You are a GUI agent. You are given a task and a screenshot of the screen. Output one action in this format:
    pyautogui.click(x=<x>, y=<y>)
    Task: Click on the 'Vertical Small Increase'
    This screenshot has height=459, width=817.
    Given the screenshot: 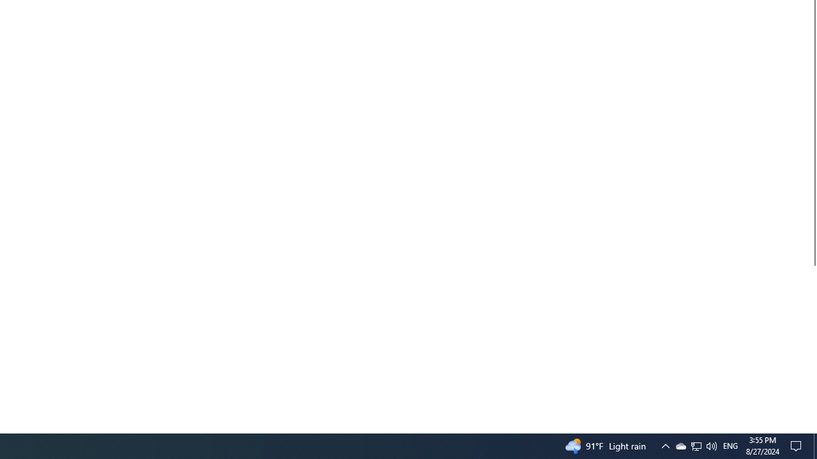 What is the action you would take?
    pyautogui.click(x=811, y=428)
    